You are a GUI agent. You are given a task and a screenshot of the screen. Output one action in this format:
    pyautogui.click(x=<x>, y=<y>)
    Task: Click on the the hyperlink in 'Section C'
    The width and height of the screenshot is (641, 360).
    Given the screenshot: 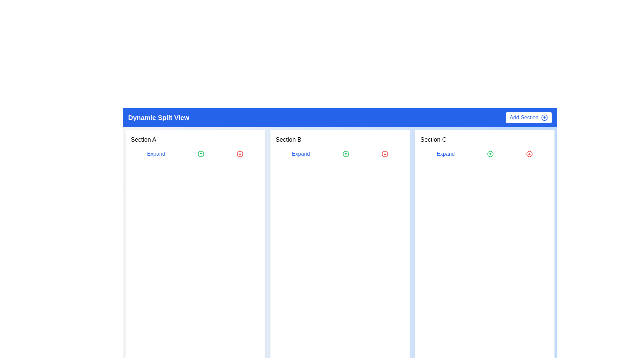 What is the action you would take?
    pyautogui.click(x=445, y=154)
    